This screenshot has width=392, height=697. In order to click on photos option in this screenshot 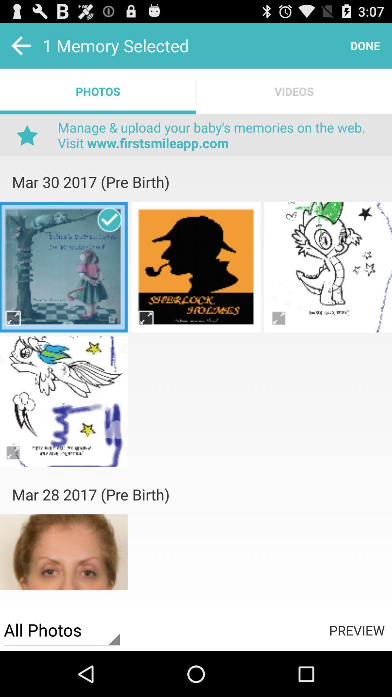, I will do `click(196, 344)`.